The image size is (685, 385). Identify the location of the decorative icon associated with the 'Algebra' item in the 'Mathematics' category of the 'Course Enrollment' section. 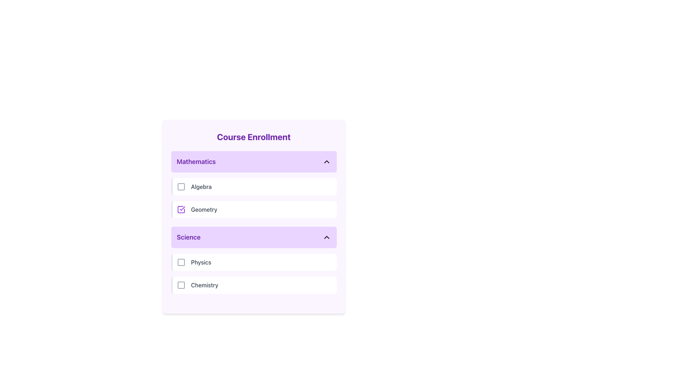
(181, 186).